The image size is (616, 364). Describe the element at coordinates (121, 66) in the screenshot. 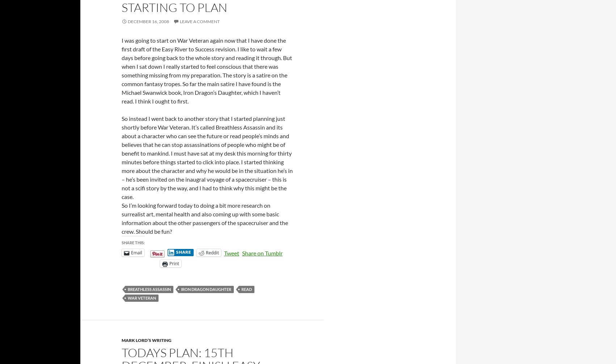

I see `'I was going to start on War Veteran again now that I have done the first draft of the Easy River to Success revision. I like to wait a few days before going back to the whole story and reading it through. But when I sat down I really started to feel conscious that there was something missing from my preparation. The story is a satire on the common fantasy tropes. So far the main satire I have found is the Michael'` at that location.